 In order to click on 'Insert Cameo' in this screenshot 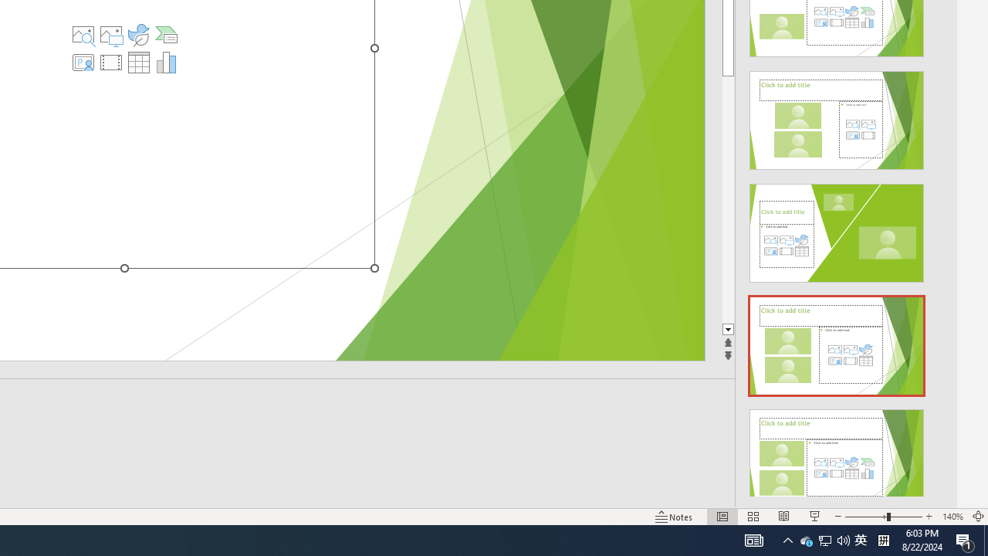, I will do `click(83, 62)`.